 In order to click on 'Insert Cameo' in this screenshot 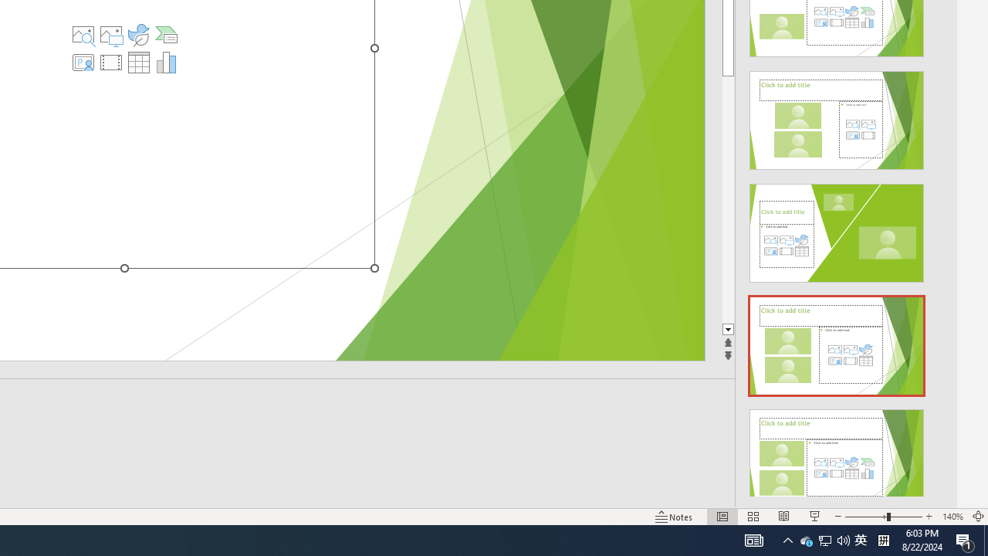, I will do `click(83, 62)`.